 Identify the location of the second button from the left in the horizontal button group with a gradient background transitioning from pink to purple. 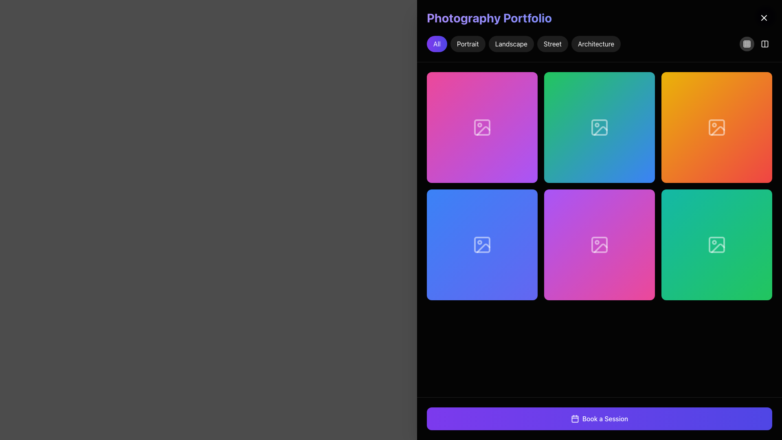
(482, 127).